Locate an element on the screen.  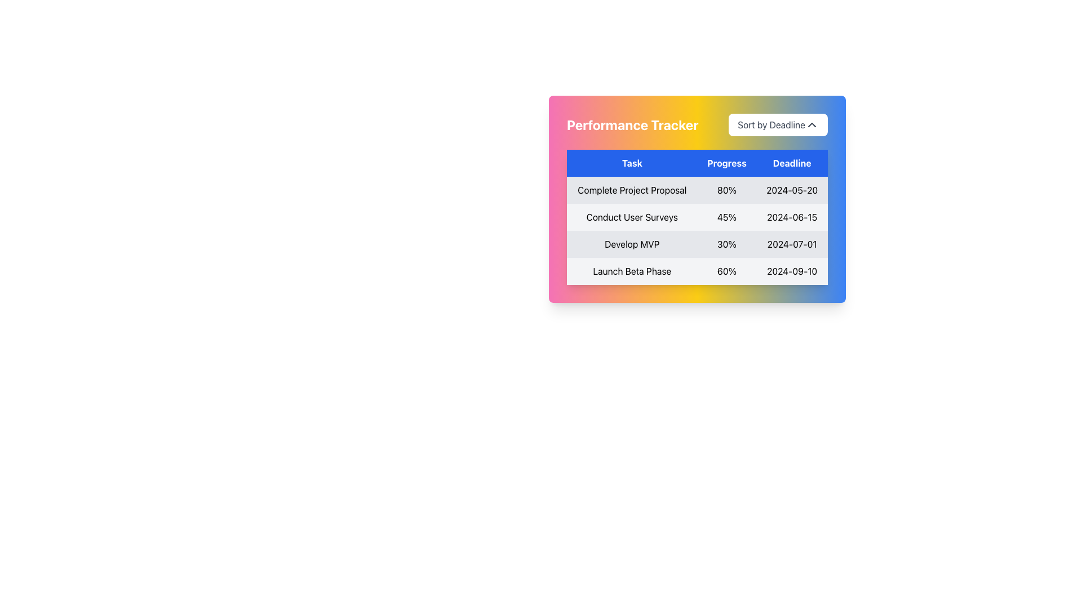
the text label displaying '80%' in bold black font, located in the 'Progress' column next to 'Complete Project Proposal' in the 'Performance Tracker' table is located at coordinates (727, 190).